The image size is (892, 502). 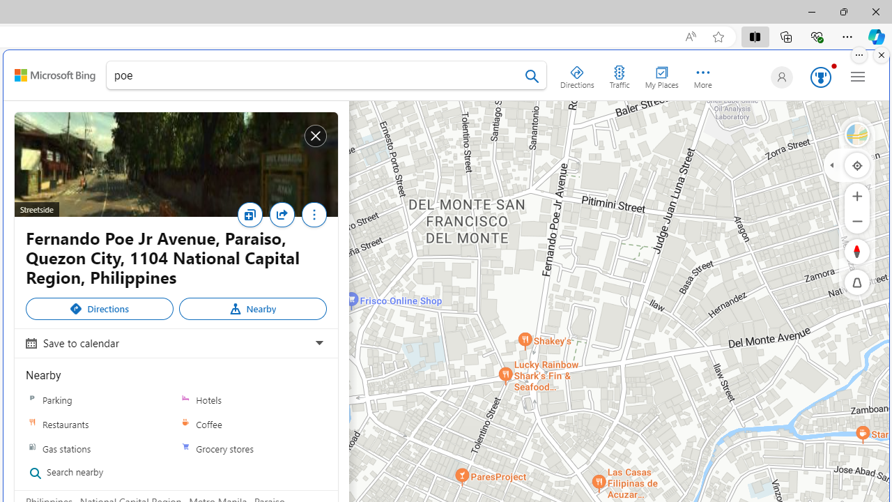 I want to click on 'Coffee', so click(x=185, y=424).